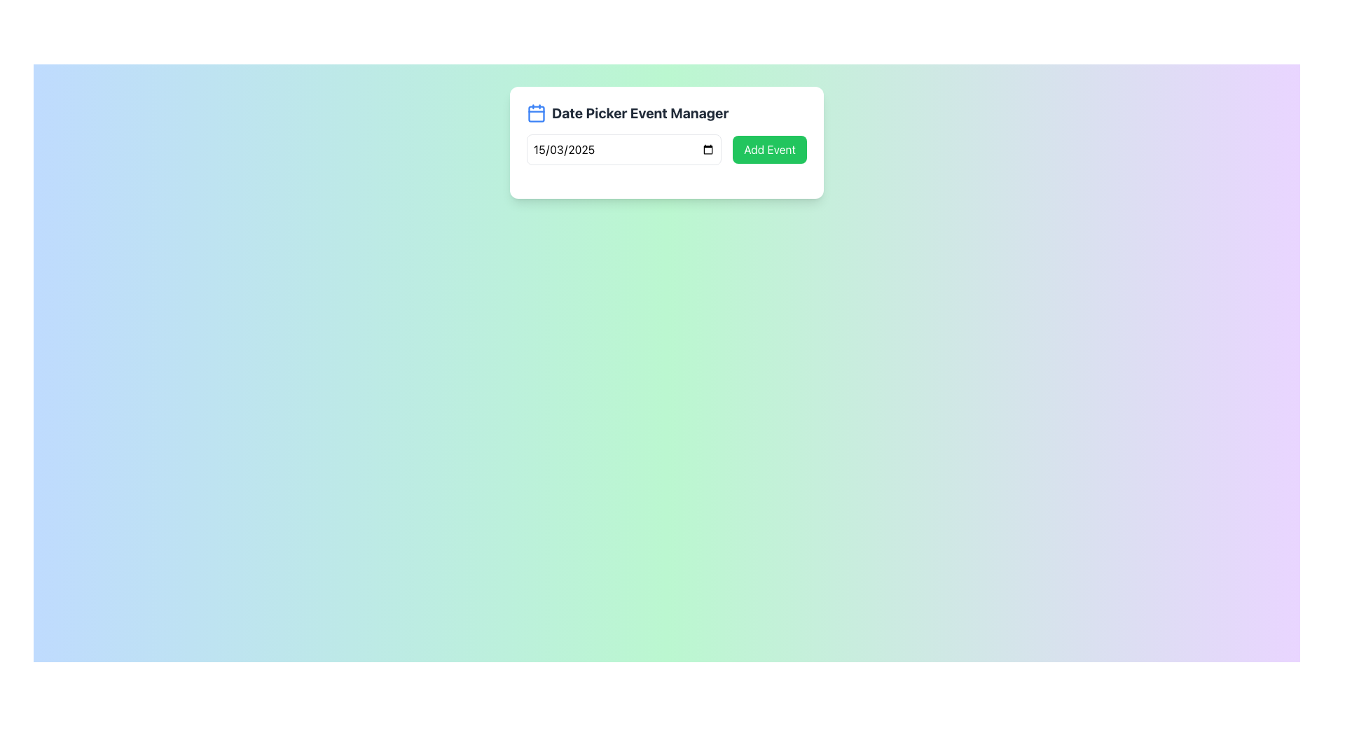  Describe the element at coordinates (536, 113) in the screenshot. I see `the blue calendar icon located to the left of the 'Date Picker Event Manager' text in the header to possibly open a date picker or show a calendar` at that location.